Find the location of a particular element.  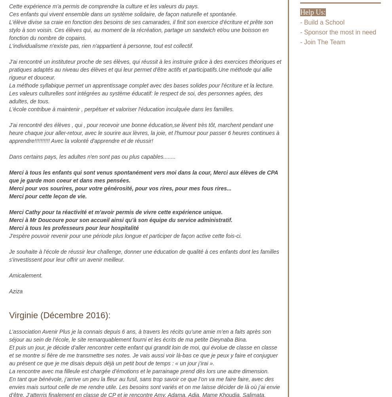

'Cette expérience m'a permis de comprendre la culture et les valeurs du pays.' is located at coordinates (104, 6).